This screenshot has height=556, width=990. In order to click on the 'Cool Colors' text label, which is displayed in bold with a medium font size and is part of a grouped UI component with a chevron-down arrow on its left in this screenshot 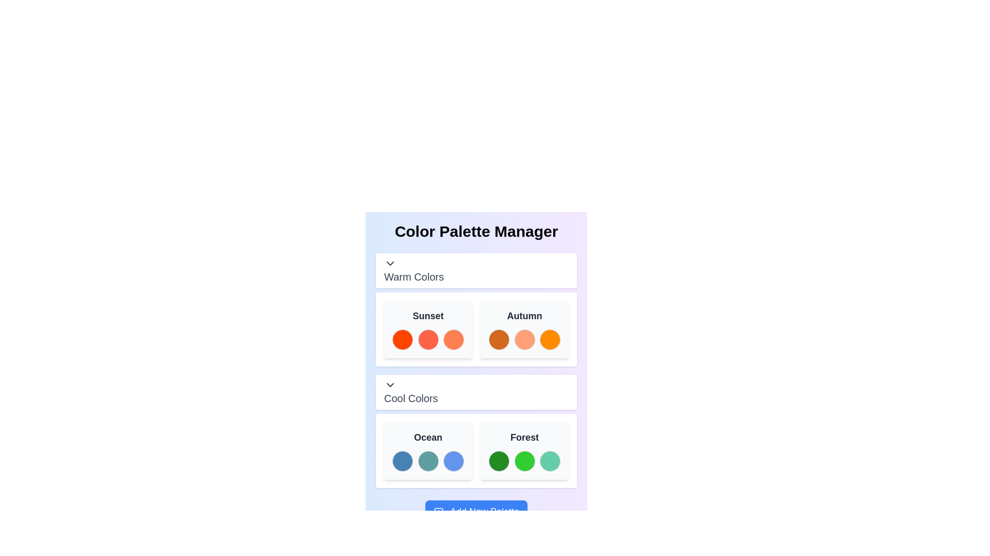, I will do `click(410, 392)`.